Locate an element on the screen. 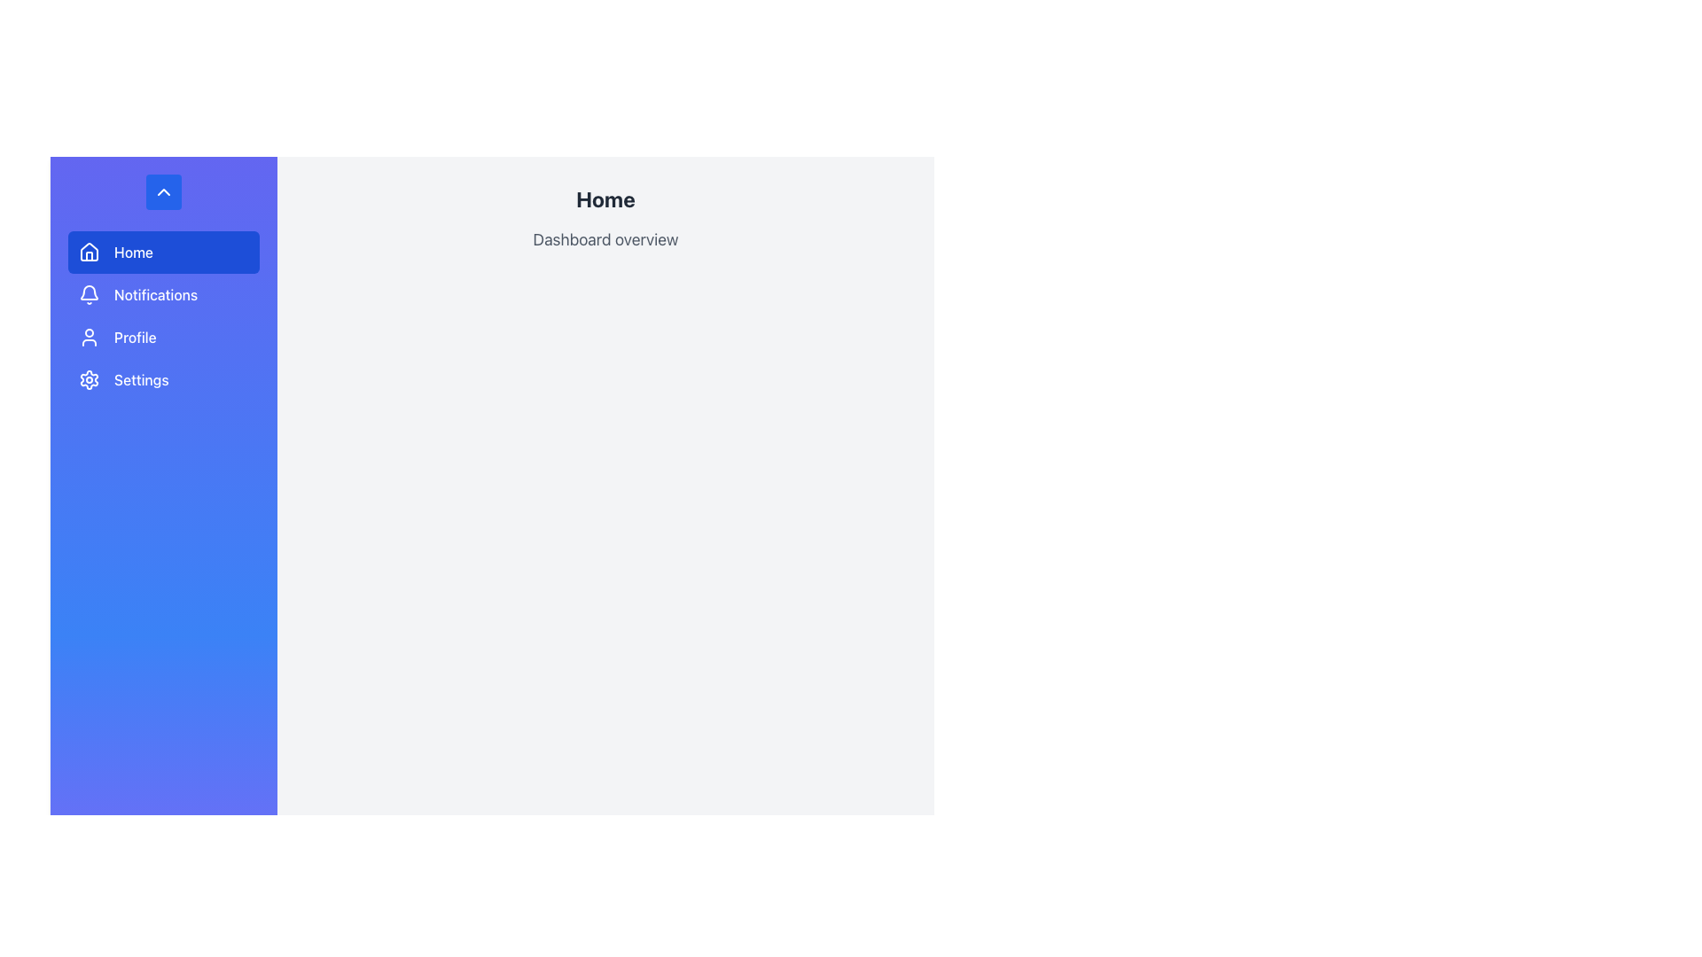  the 'Notifications' menu entry in the left navigation bar, which features a bell icon and is positioned second from the top is located at coordinates (164, 293).